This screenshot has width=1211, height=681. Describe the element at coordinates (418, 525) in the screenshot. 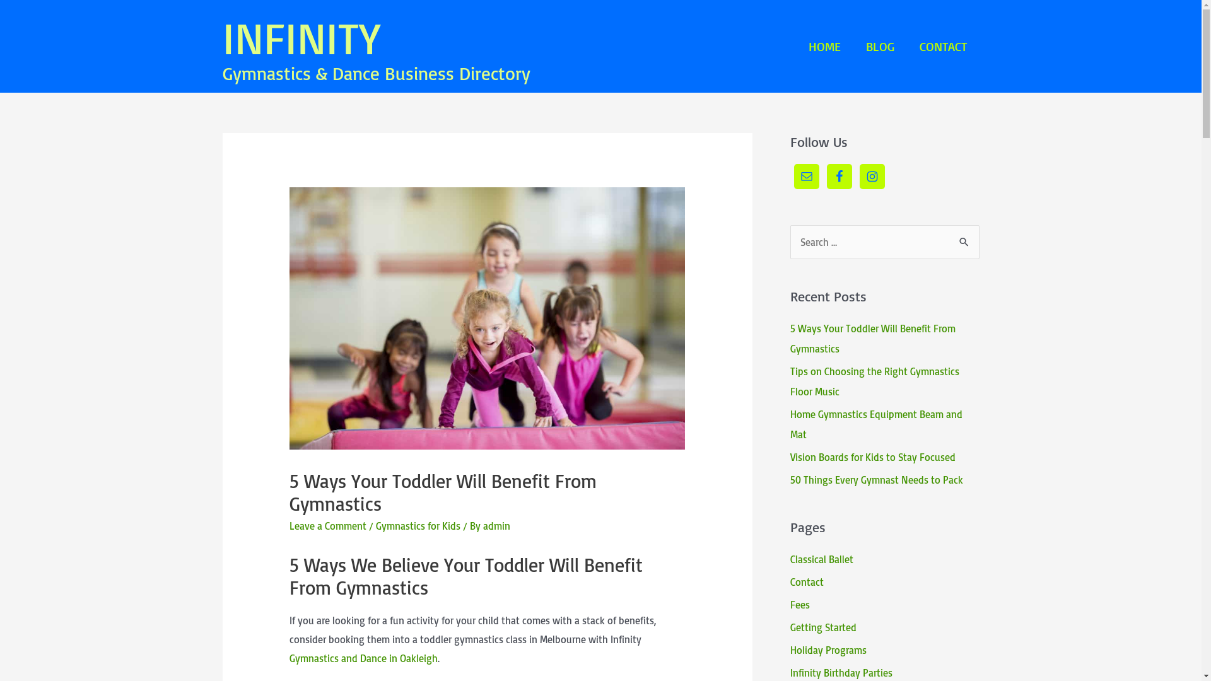

I see `'Gymnastics for Kids'` at that location.